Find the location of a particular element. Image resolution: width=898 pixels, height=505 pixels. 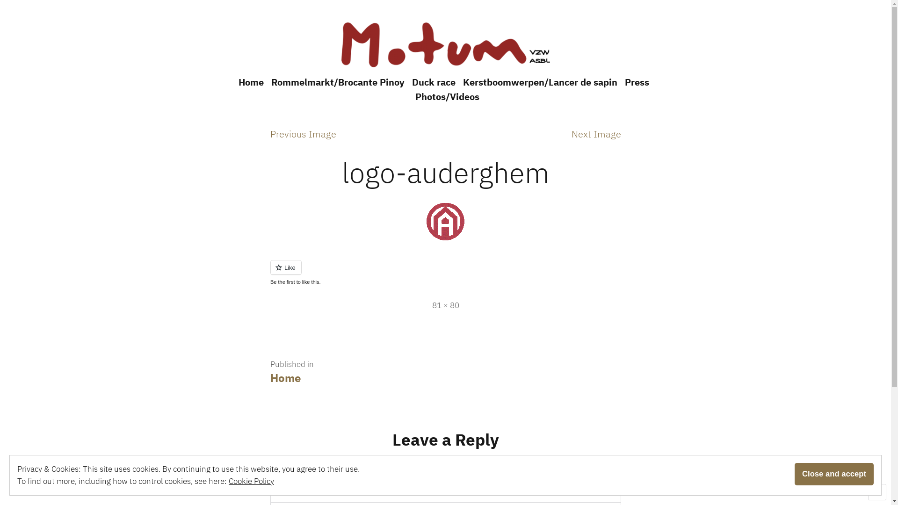

'Close and accept' is located at coordinates (834, 474).